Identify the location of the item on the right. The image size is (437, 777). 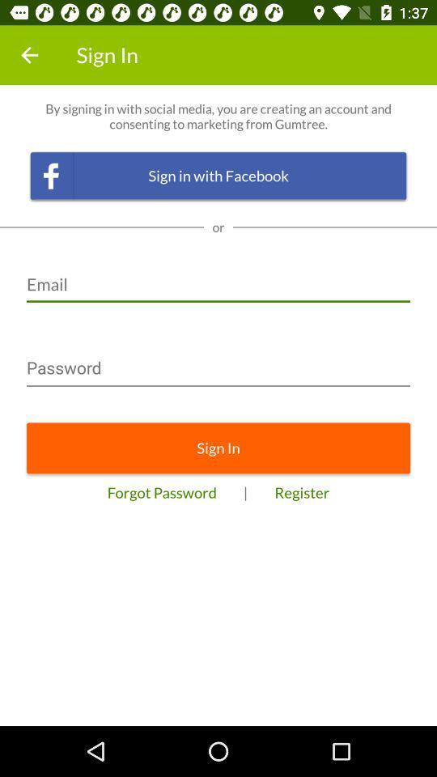
(302, 491).